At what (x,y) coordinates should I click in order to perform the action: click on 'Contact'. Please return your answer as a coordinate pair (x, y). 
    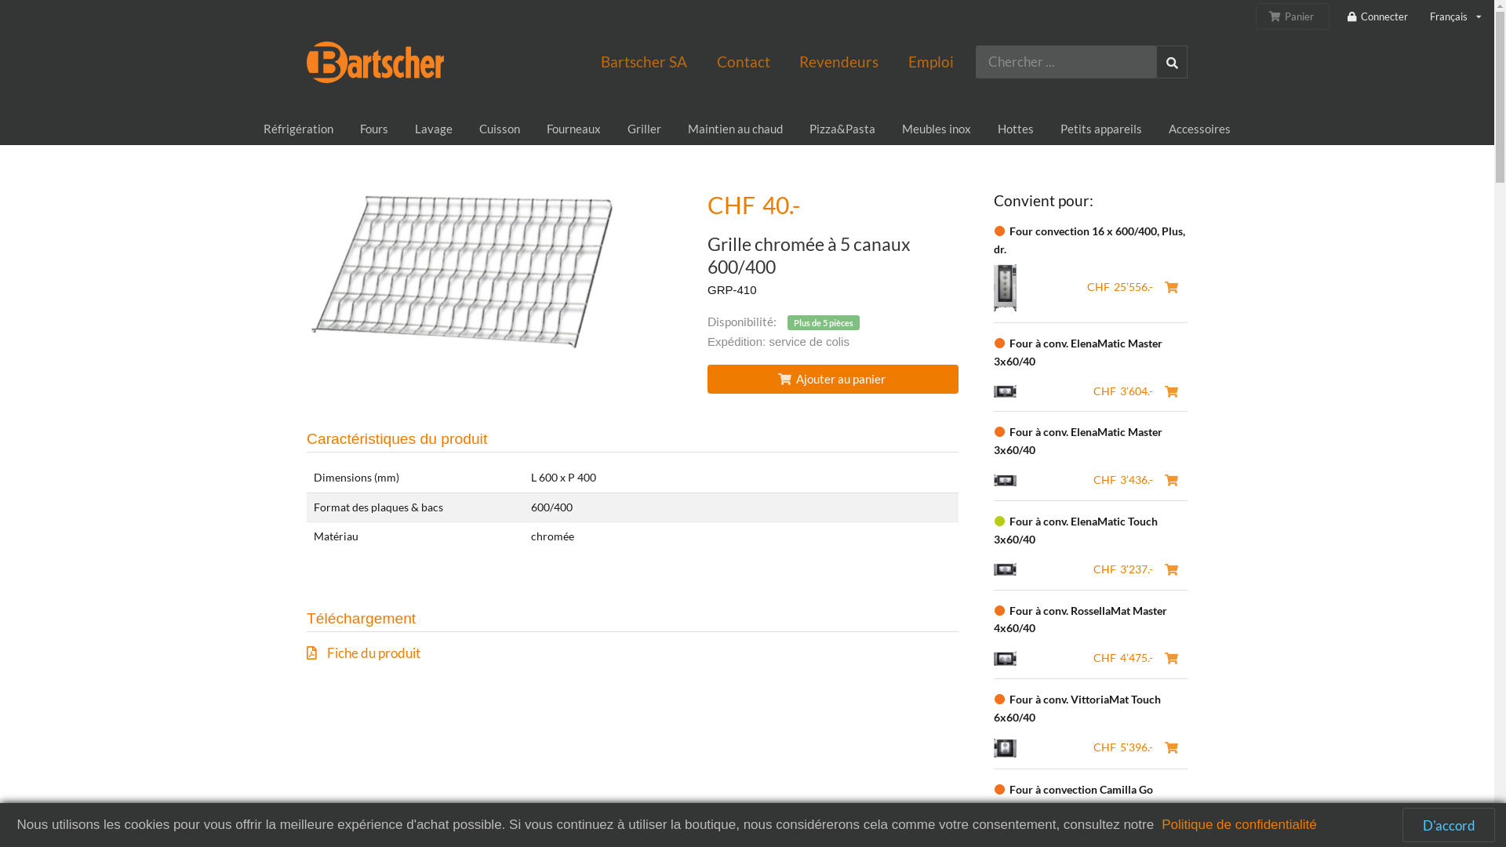
    Looking at the image, I should click on (700, 60).